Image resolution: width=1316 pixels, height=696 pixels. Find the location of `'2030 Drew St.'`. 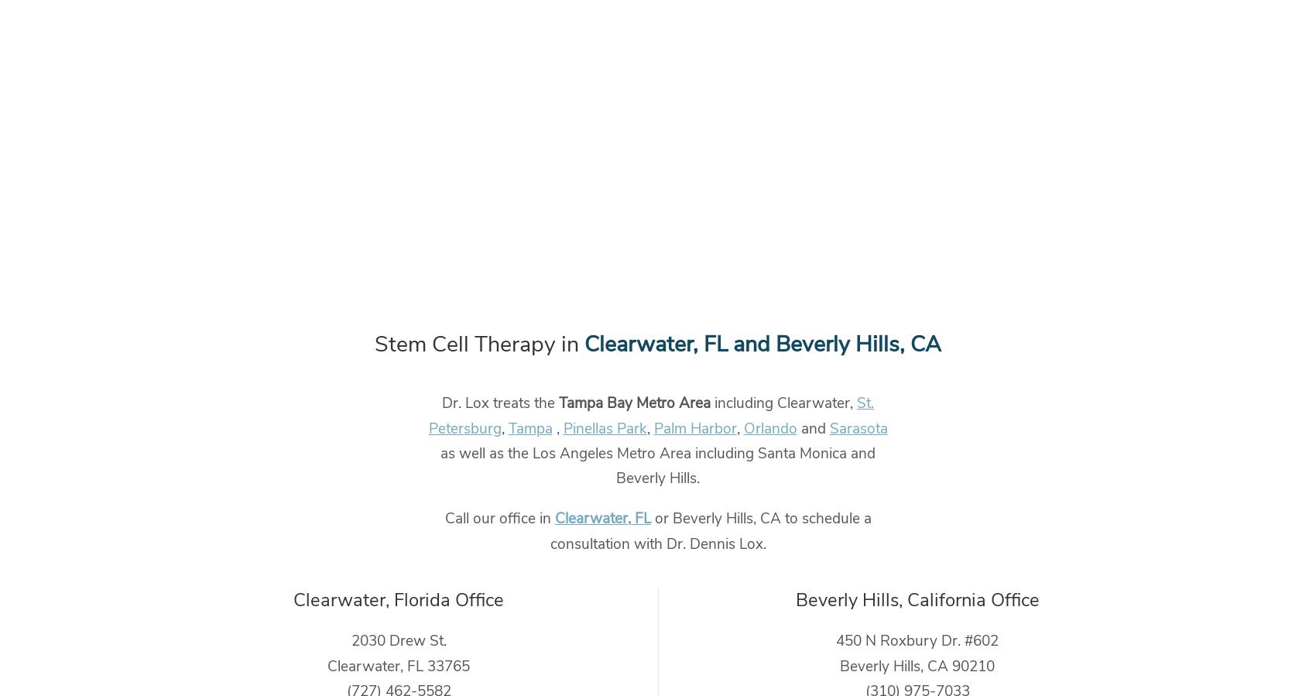

'2030 Drew St.' is located at coordinates (351, 640).